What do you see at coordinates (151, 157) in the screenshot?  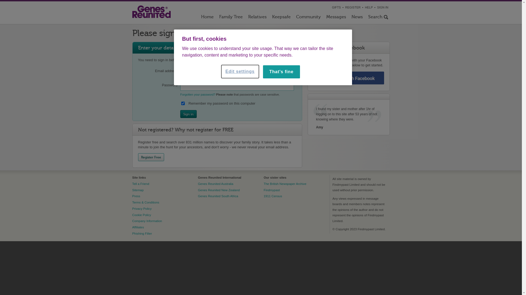 I see `'Register Free'` at bounding box center [151, 157].